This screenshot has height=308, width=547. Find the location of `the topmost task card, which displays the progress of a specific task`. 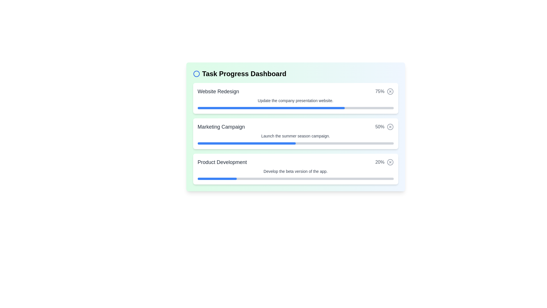

the topmost task card, which displays the progress of a specific task is located at coordinates (295, 98).